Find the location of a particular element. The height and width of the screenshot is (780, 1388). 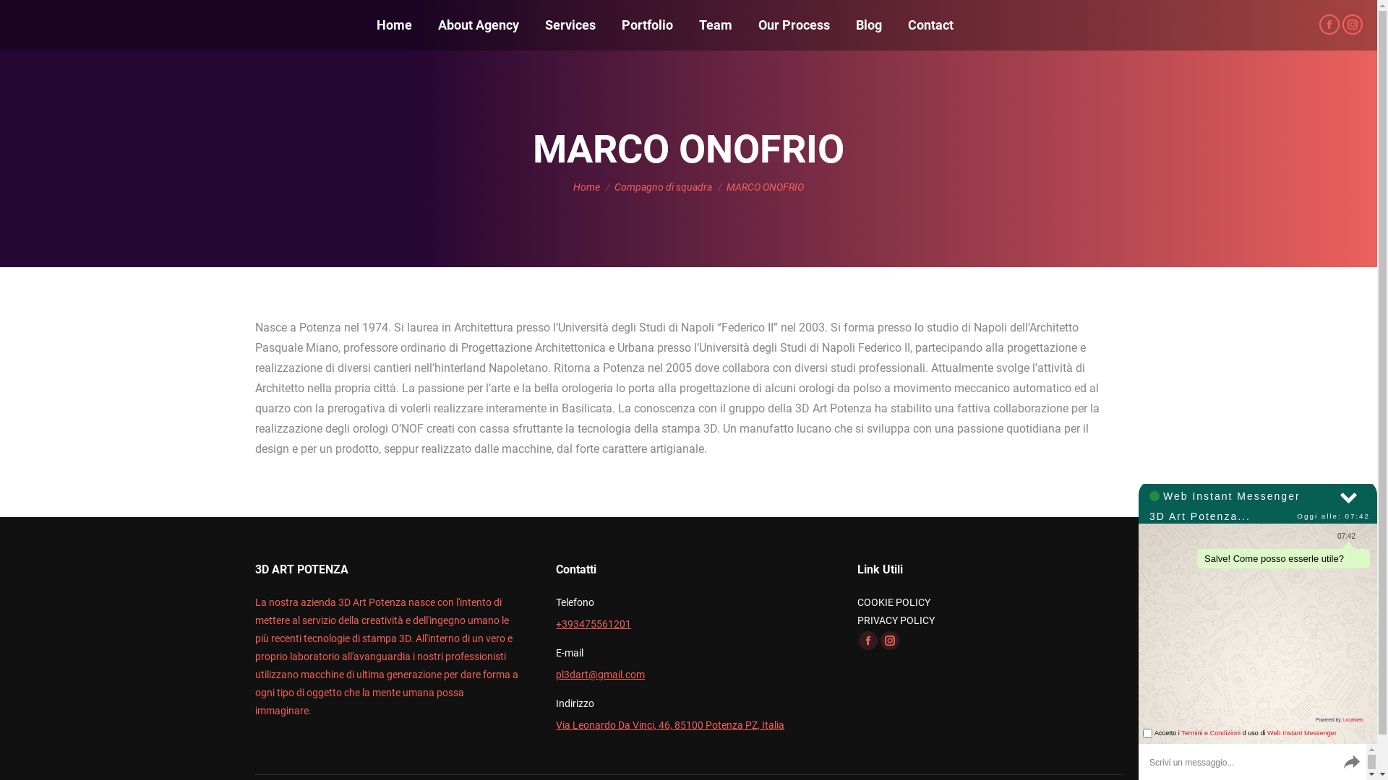

'Blog' is located at coordinates (867, 25).